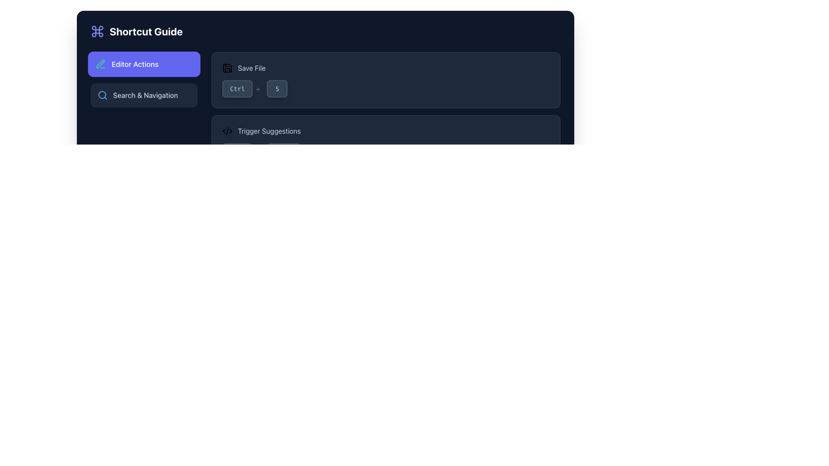 This screenshot has height=466, width=829. What do you see at coordinates (257, 88) in the screenshot?
I see `the Textual symbol indicating the 'Ctrl+S' shortcut representation, located in the top central section of the interface under the 'Save File' label` at bounding box center [257, 88].